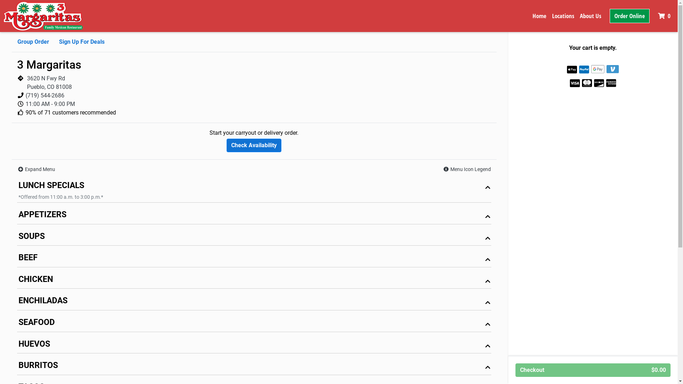 The image size is (683, 384). I want to click on '3620 N Fwy Rd, so click(49, 82).